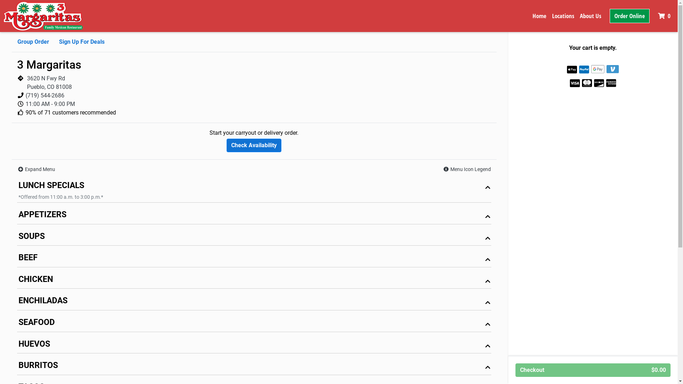 The image size is (683, 384). I want to click on '3620 N Fwy Rd, so click(49, 82).